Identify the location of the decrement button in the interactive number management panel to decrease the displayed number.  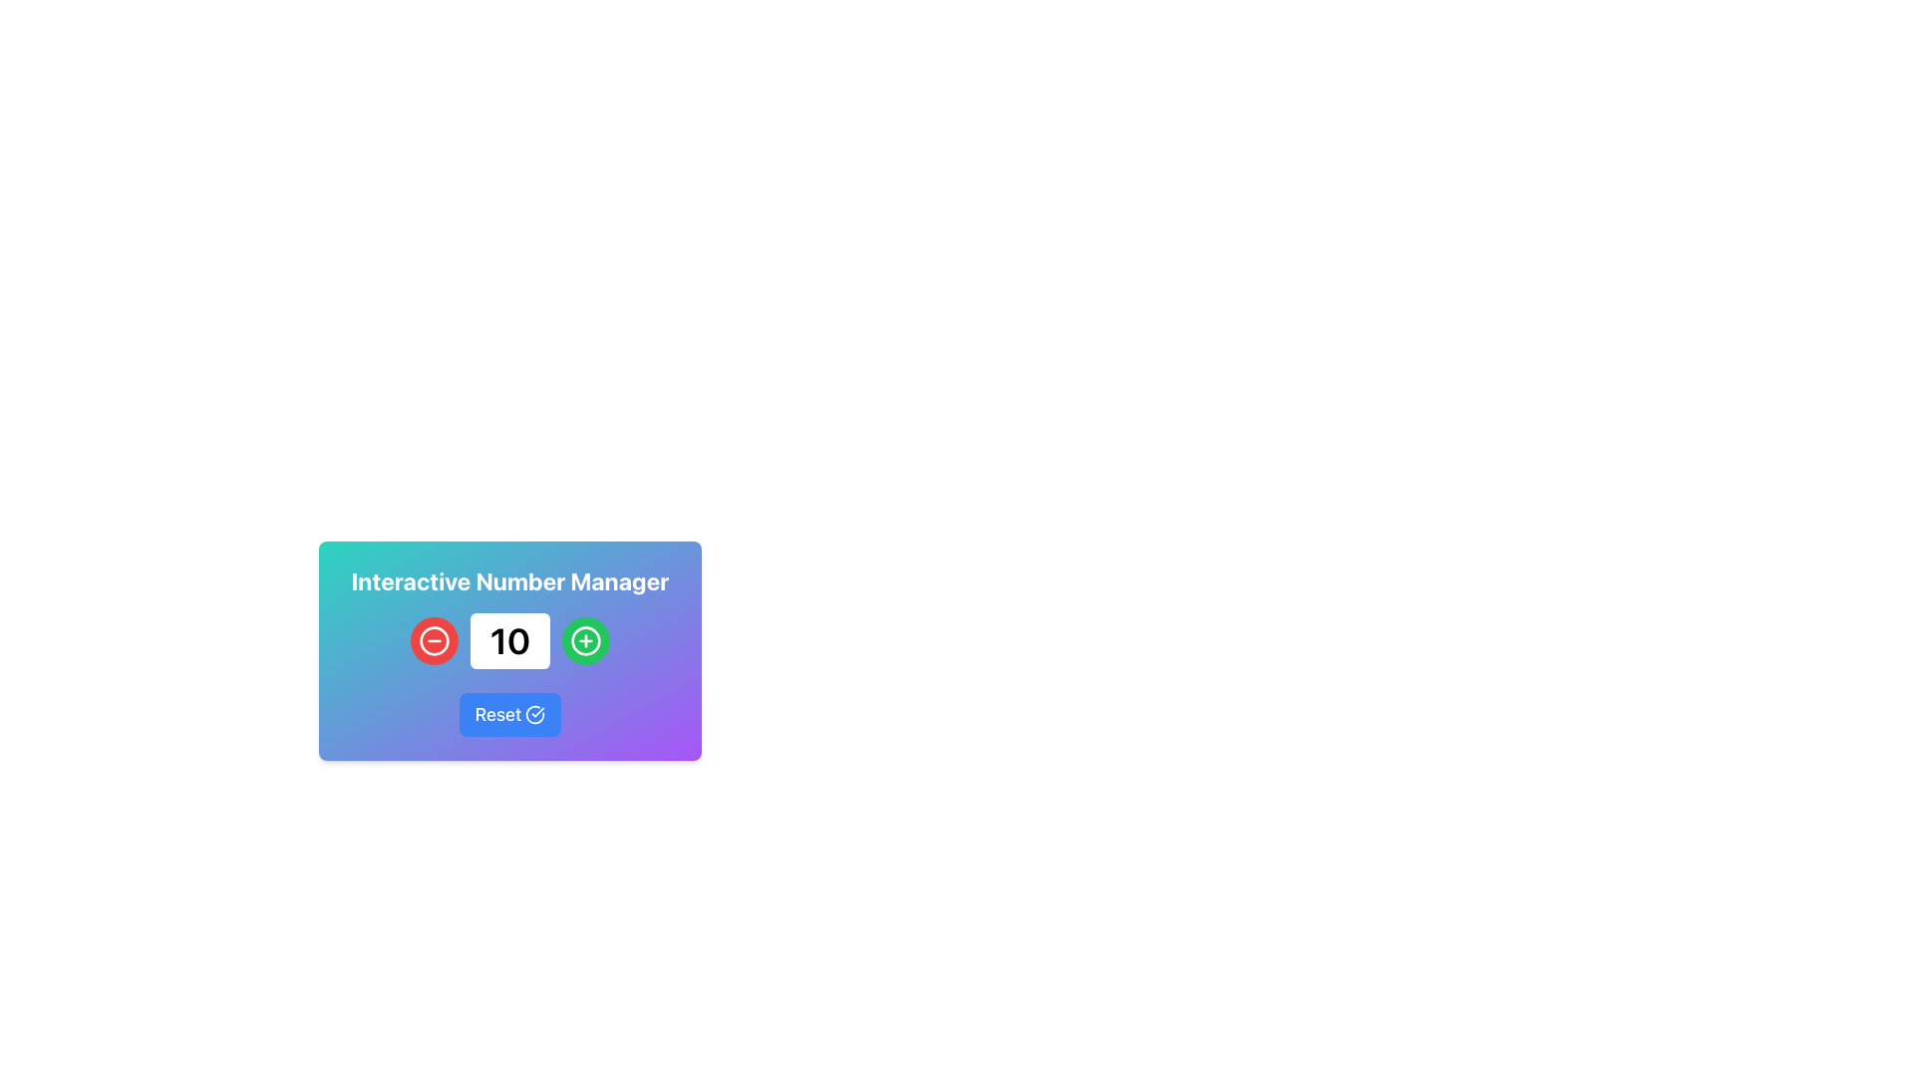
(434, 641).